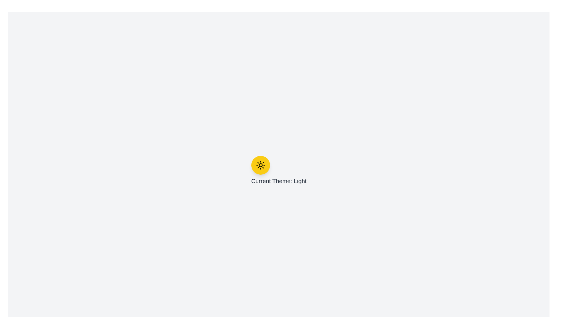 The image size is (563, 317). What do you see at coordinates (260, 165) in the screenshot?
I see `the theme toggle button to switch the theme` at bounding box center [260, 165].